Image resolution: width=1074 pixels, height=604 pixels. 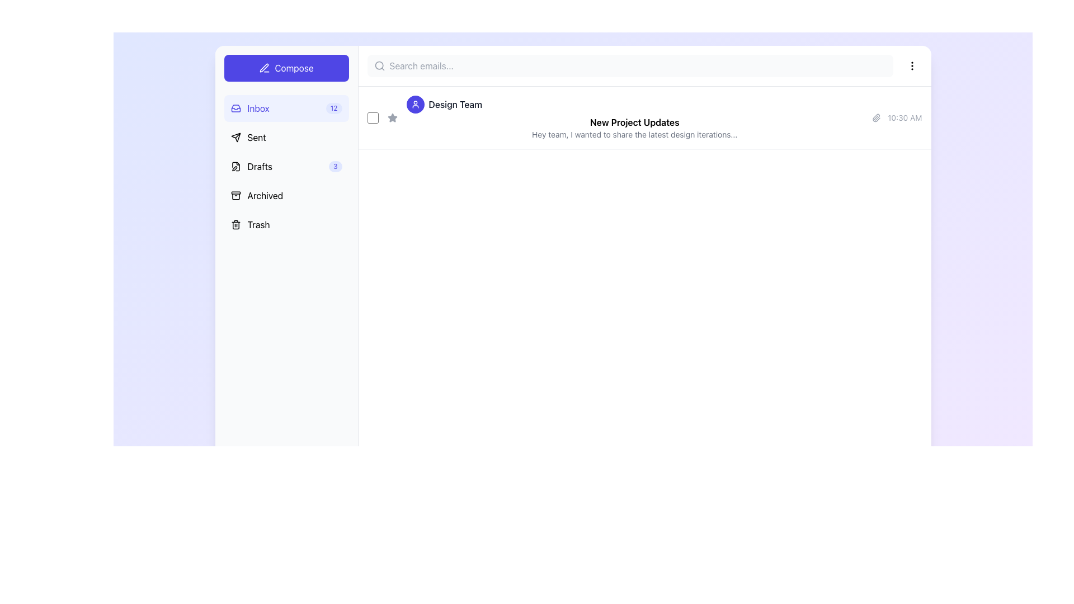 What do you see at coordinates (286, 195) in the screenshot?
I see `the 'Archived' button located in the left-hand navigation panel, positioned below the 'Drafts' button and above the 'Trash' button` at bounding box center [286, 195].